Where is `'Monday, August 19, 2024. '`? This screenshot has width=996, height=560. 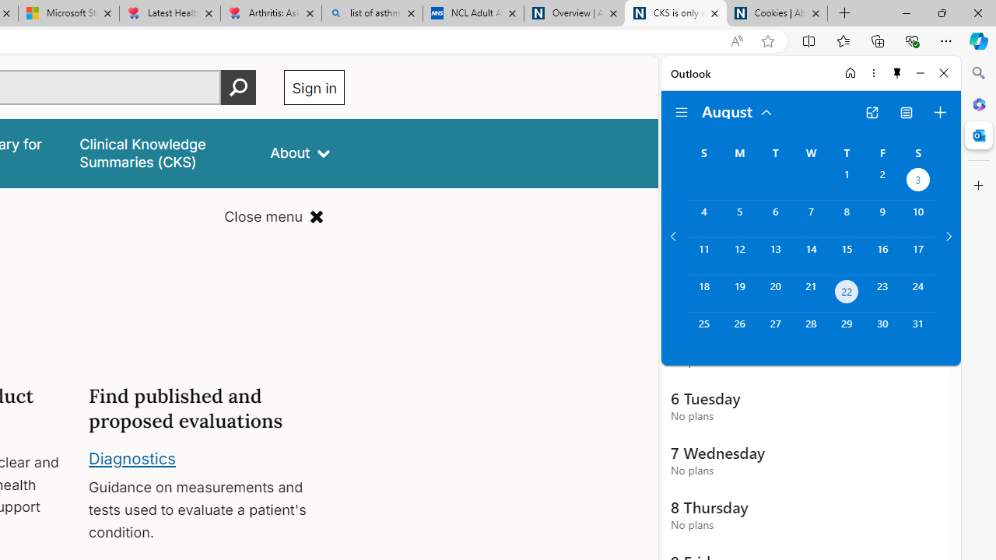 'Monday, August 19, 2024. ' is located at coordinates (738, 293).